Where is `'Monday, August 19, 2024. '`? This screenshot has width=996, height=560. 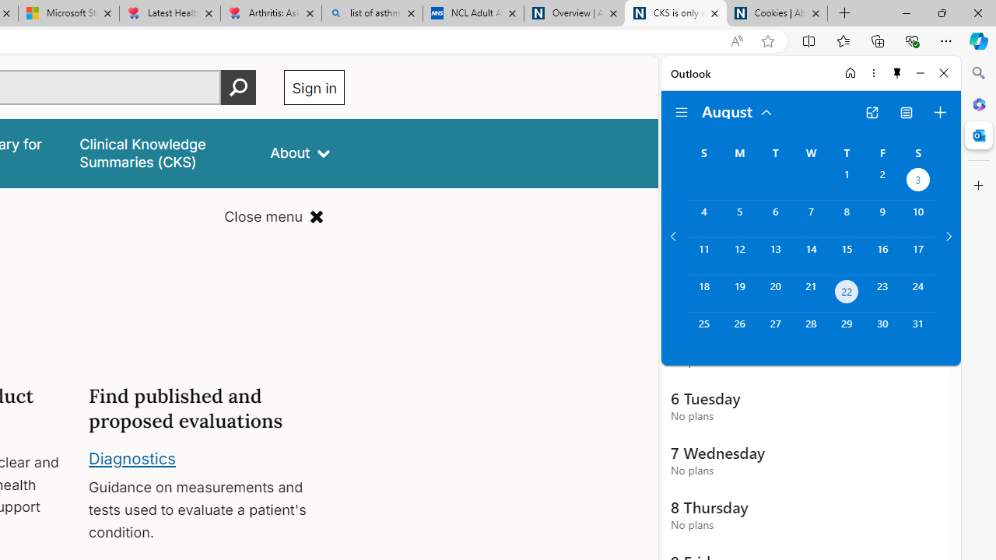 'Monday, August 19, 2024. ' is located at coordinates (738, 293).